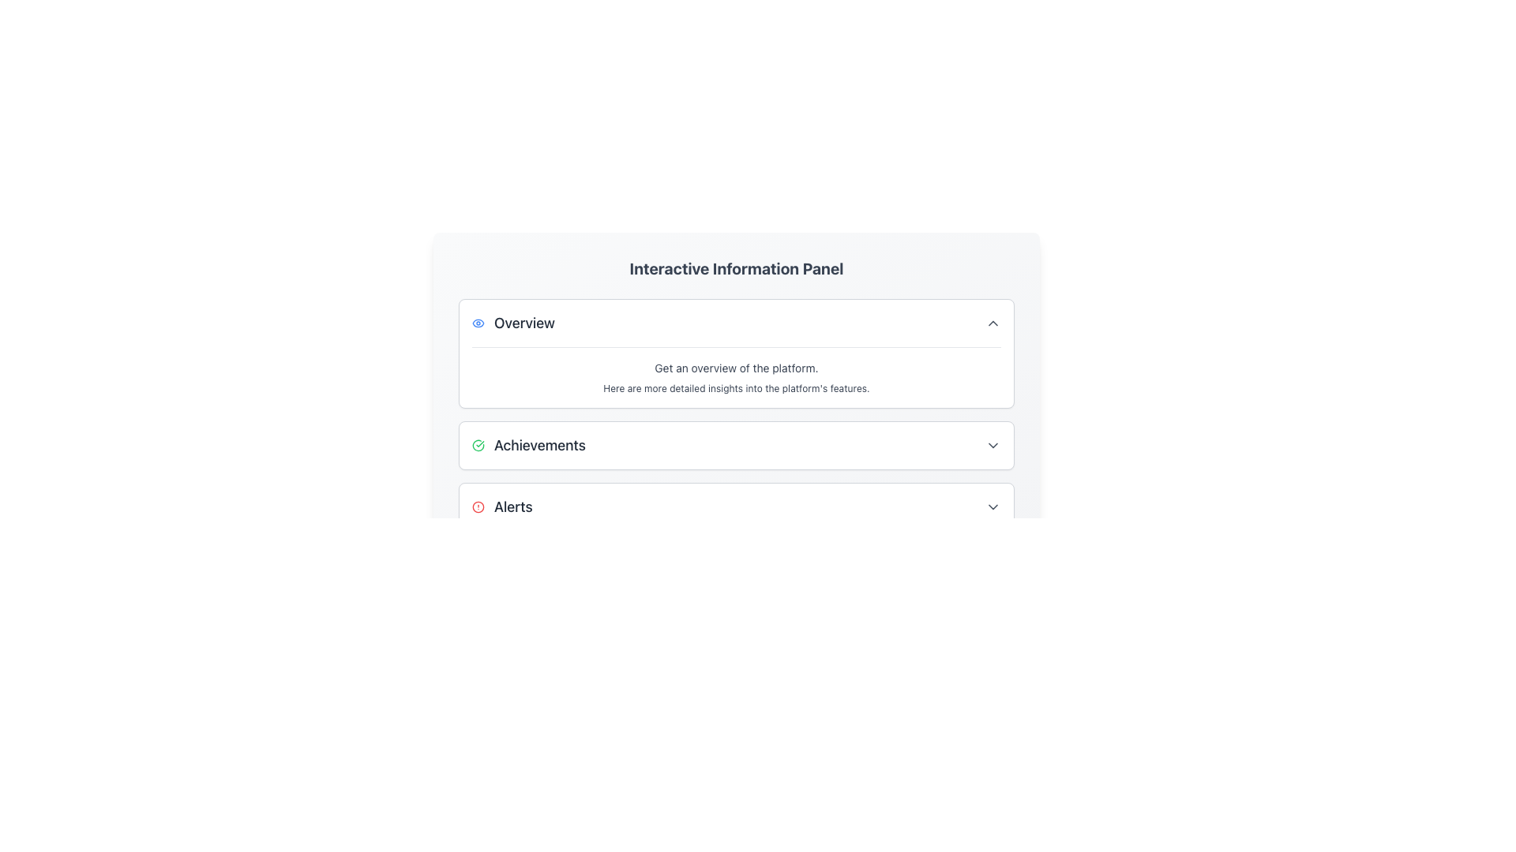 The image size is (1516, 852). I want to click on the text label reading 'Achievements' for accessibility features, so click(539, 445).